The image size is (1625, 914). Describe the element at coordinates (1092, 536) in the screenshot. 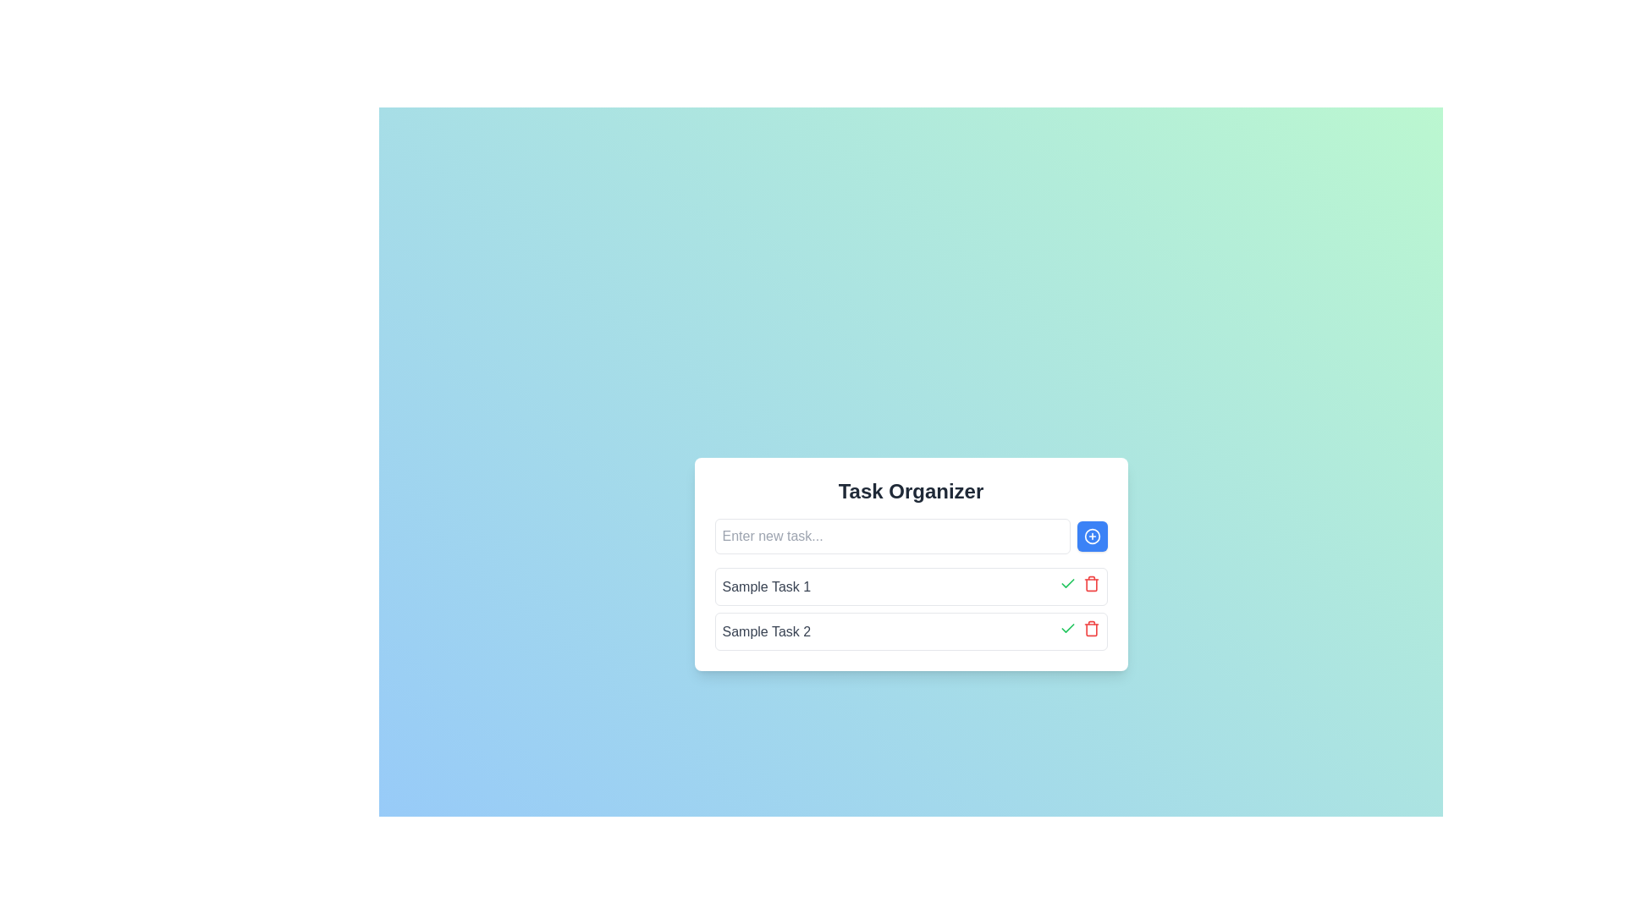

I see `the circular blue icon with a plus sign inside it, located at the right end of the text input box labeled 'Enter new task...'` at that location.